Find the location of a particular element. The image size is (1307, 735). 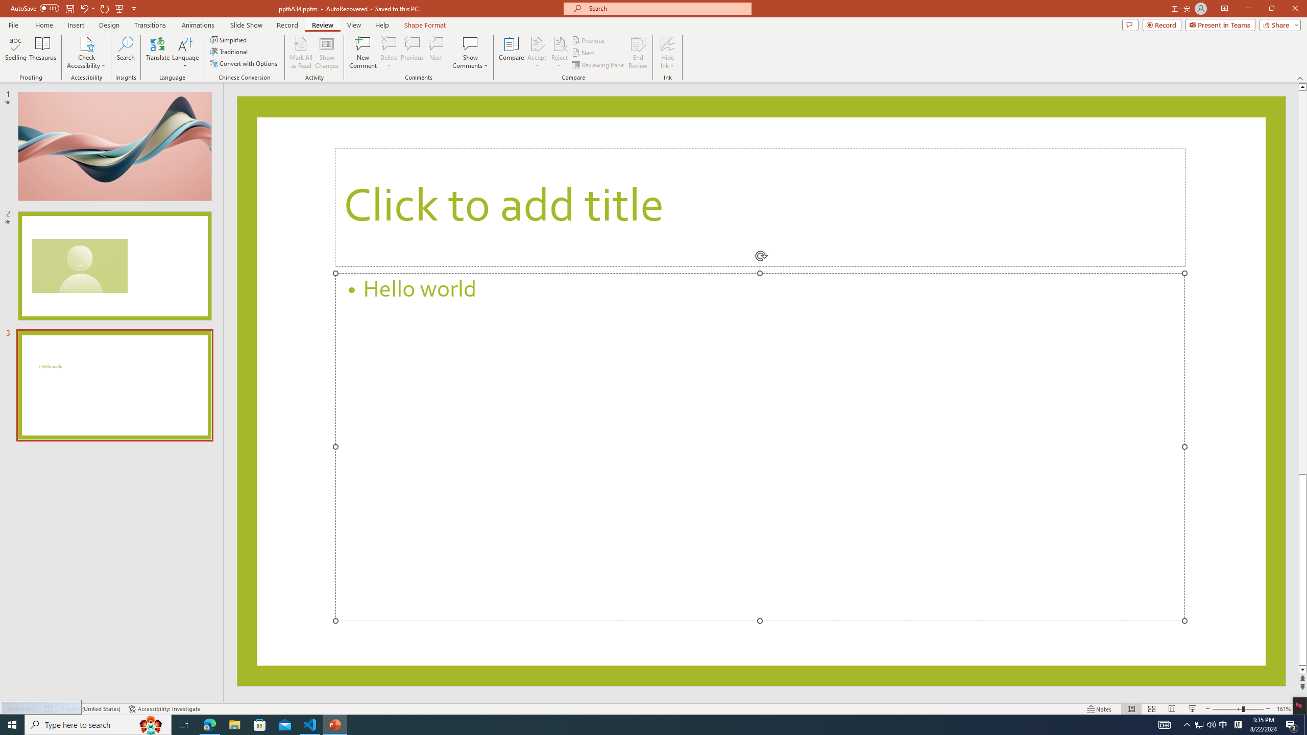

'Accept' is located at coordinates (537, 53).